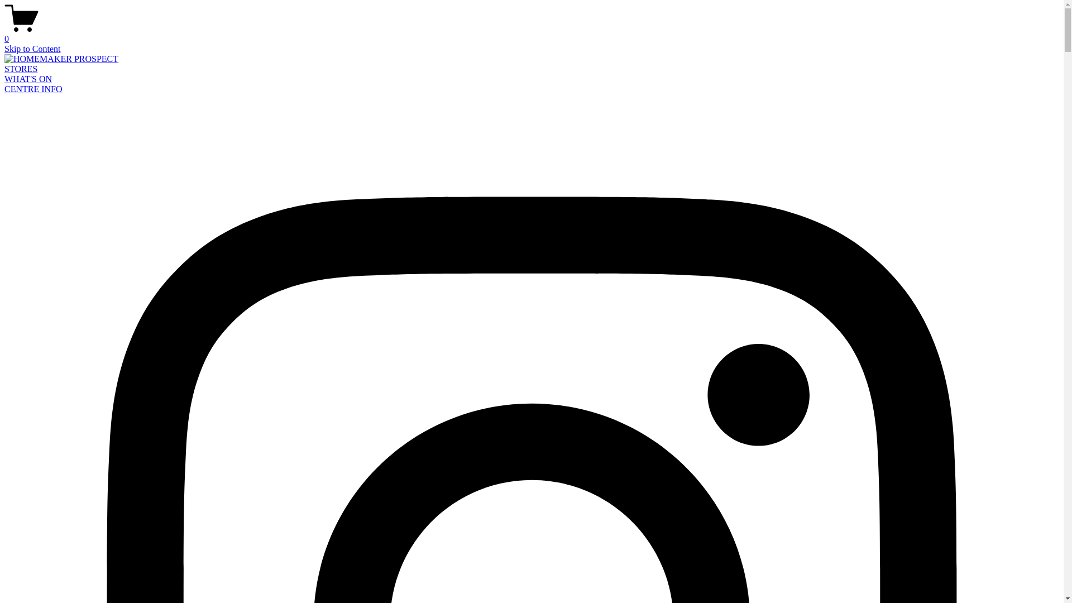  Describe the element at coordinates (33, 88) in the screenshot. I see `'CENTRE INFO'` at that location.